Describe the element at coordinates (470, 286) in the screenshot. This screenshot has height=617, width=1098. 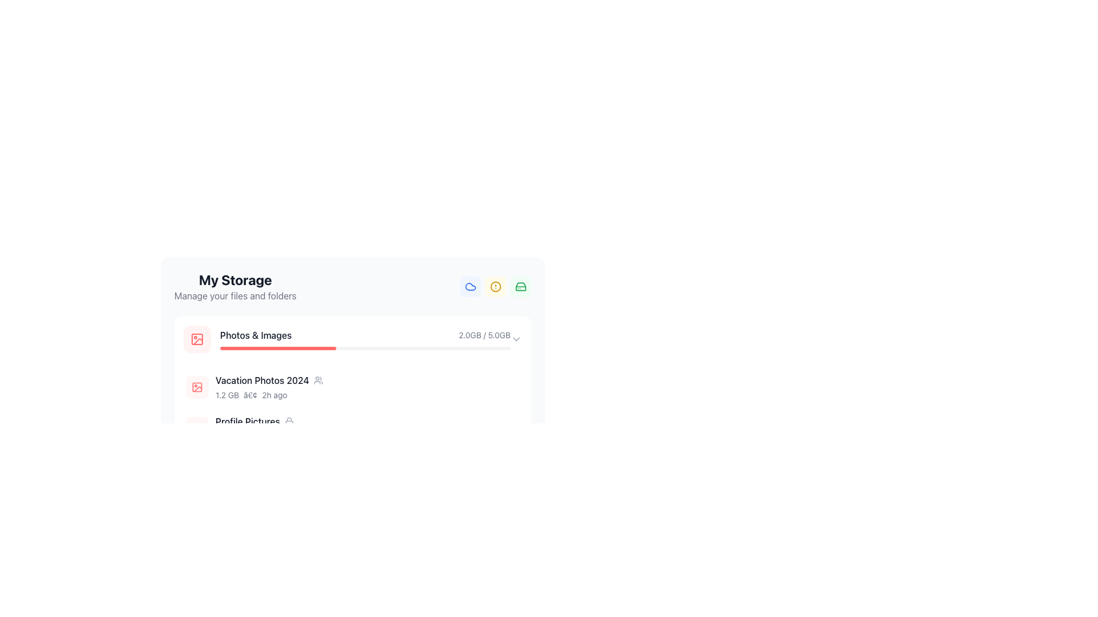
I see `the blue cloud-shaped icon button located at the top-right section of the interface, which is the first in a sequence of three icons` at that location.